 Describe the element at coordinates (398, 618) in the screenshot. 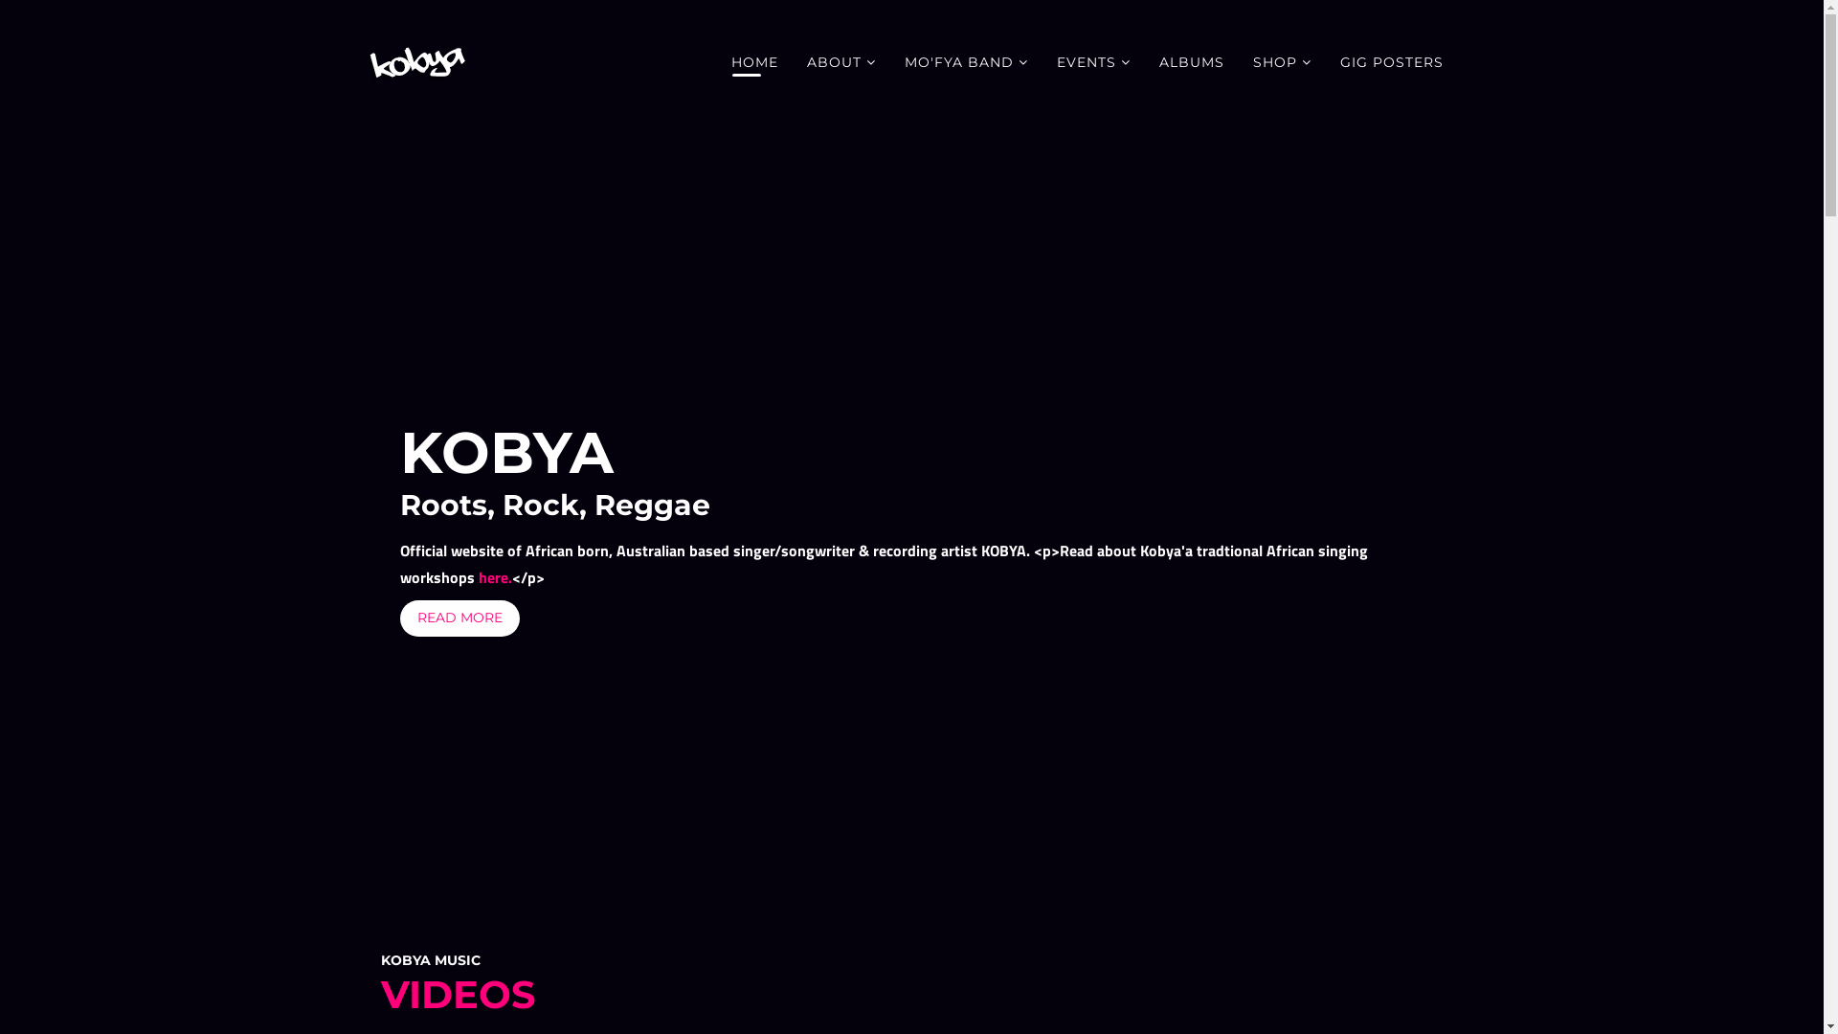

I see `'READ MORE'` at that location.